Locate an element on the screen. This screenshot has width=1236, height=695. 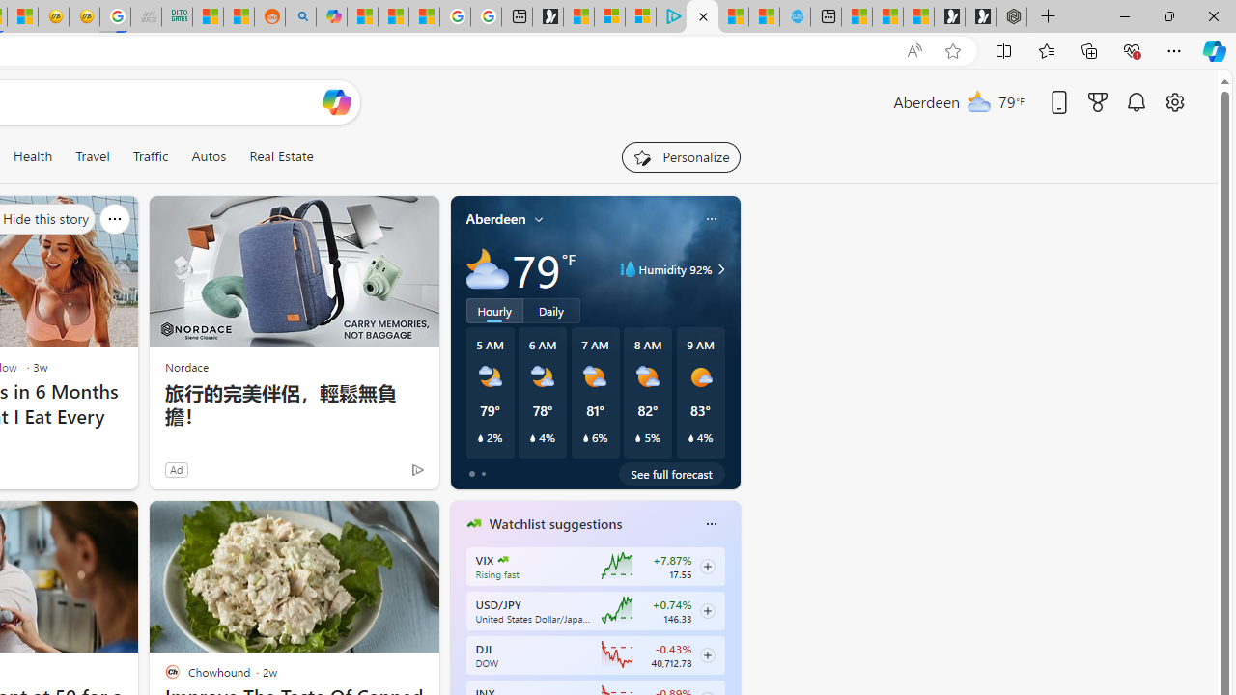
'Autos' is located at coordinates (209, 155).